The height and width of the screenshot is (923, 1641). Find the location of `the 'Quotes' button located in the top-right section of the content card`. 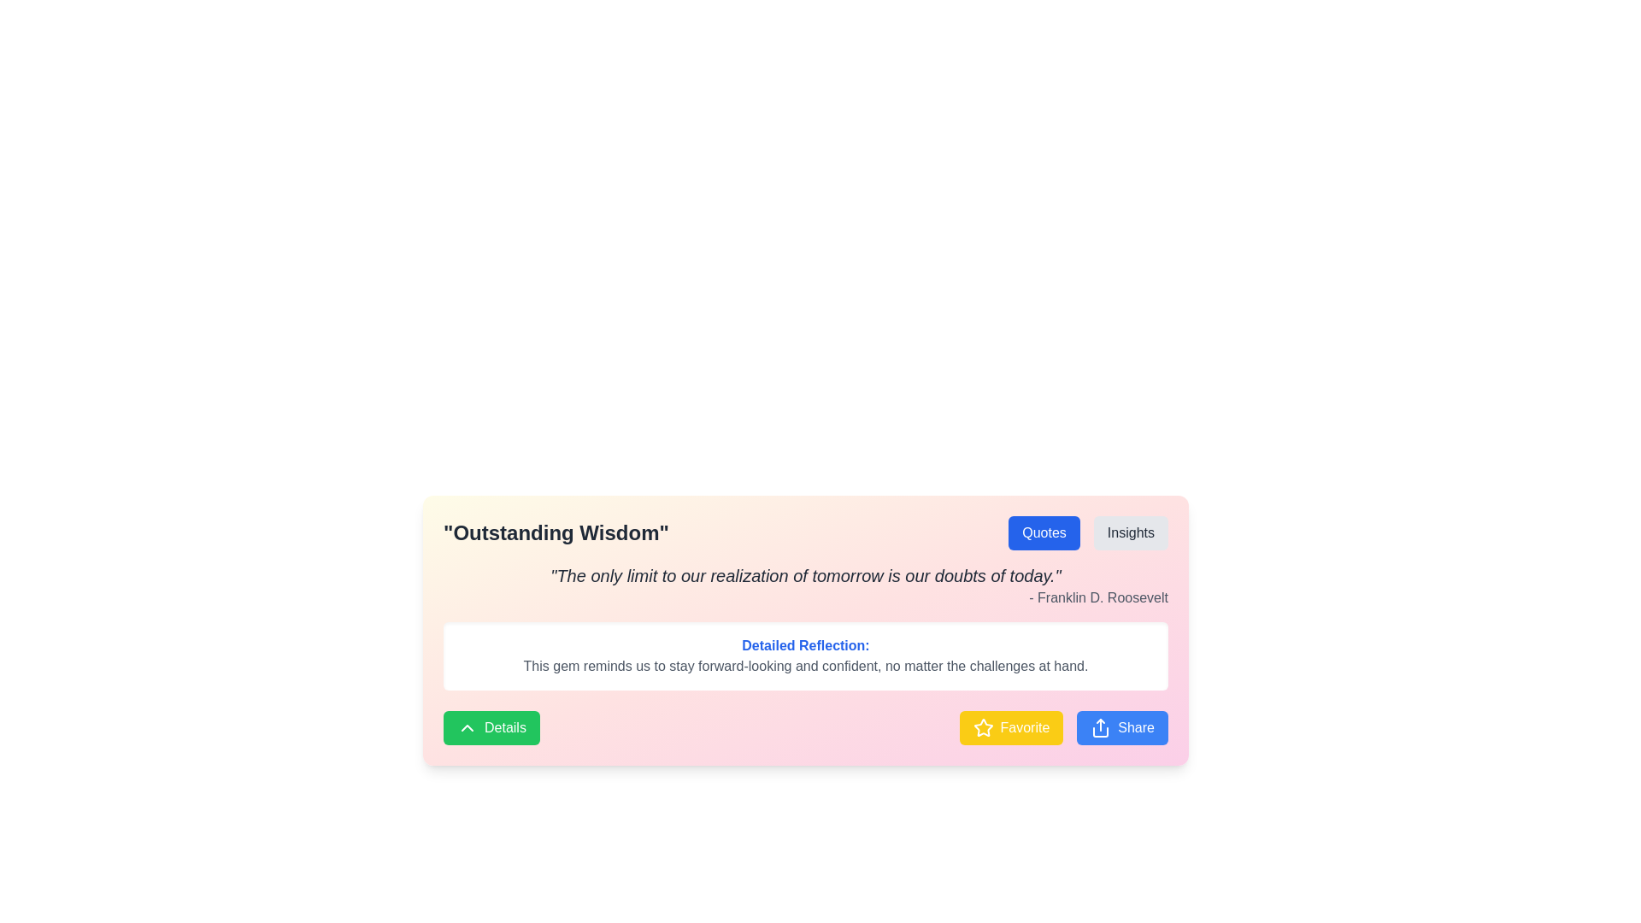

the 'Quotes' button located in the top-right section of the content card is located at coordinates (1044, 532).